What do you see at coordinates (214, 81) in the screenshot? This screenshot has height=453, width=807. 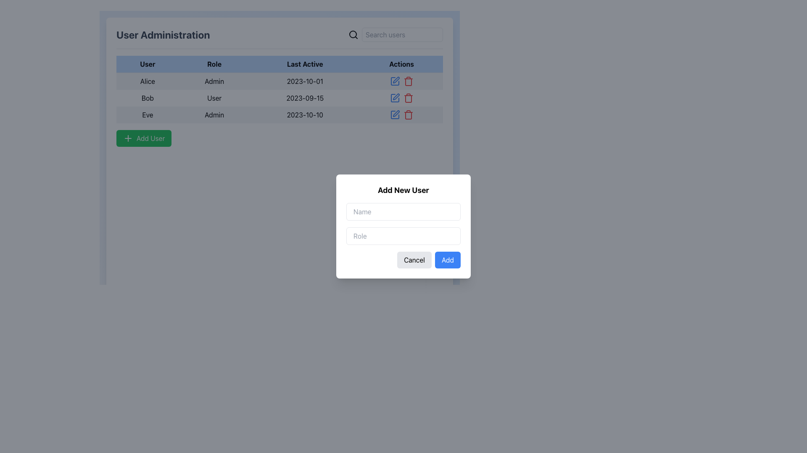 I see `the static text element that displays the user's role ('Admin') in the user management interface, which is centrally positioned in the second column of a table` at bounding box center [214, 81].